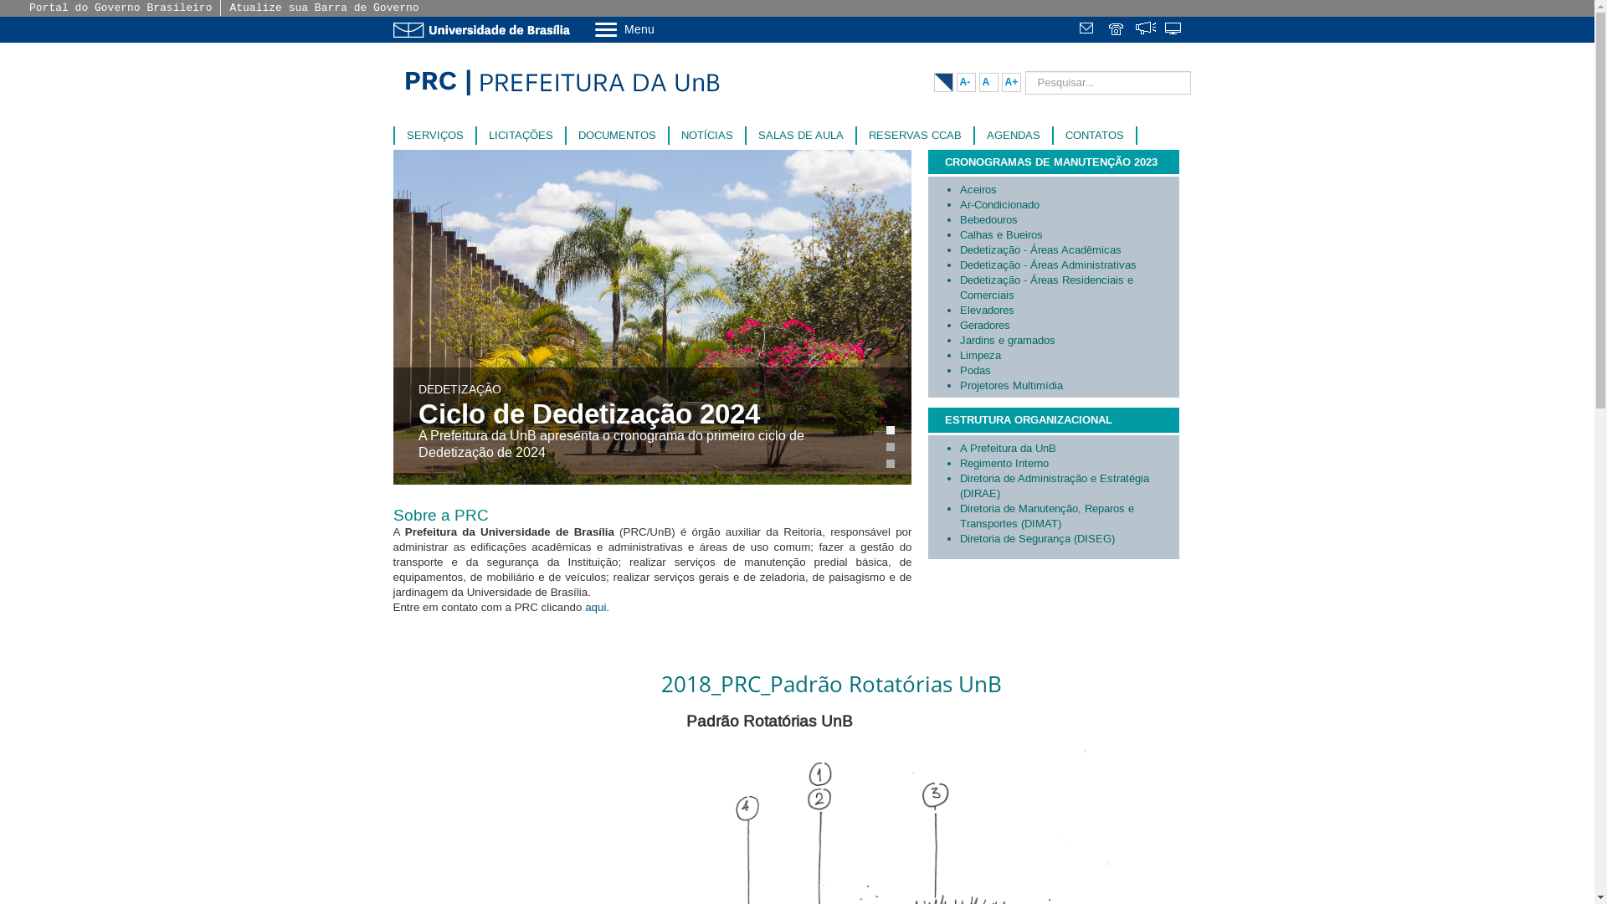 Image resolution: width=1607 pixels, height=904 pixels. Describe the element at coordinates (965, 82) in the screenshot. I see `'A-'` at that location.